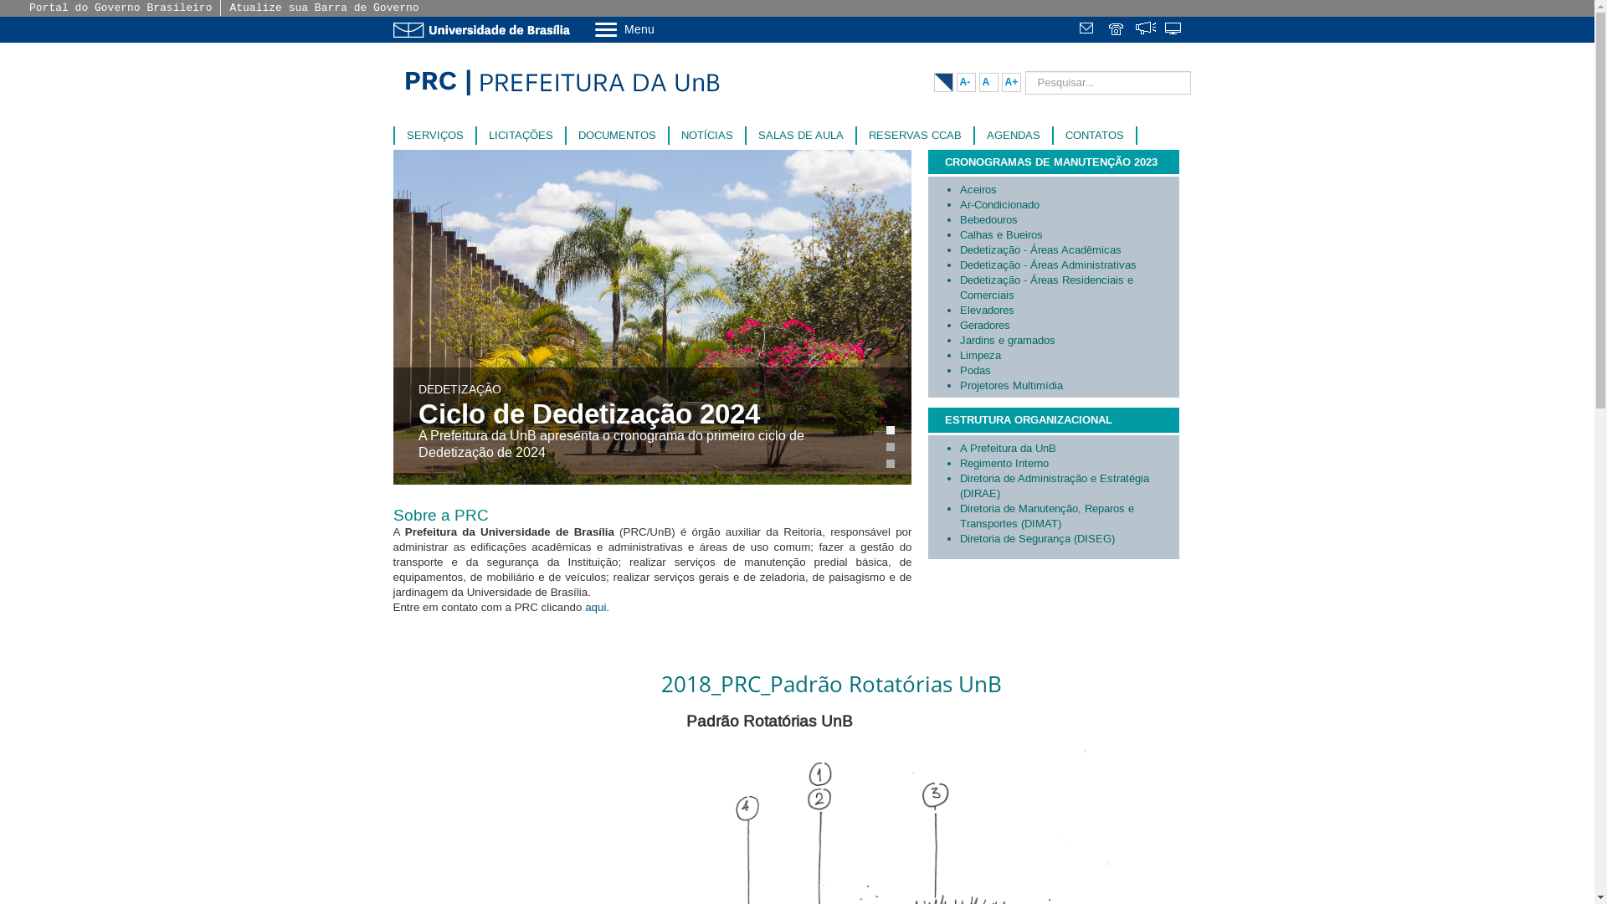 Image resolution: width=1607 pixels, height=904 pixels. Describe the element at coordinates (965, 82) in the screenshot. I see `'A-'` at that location.